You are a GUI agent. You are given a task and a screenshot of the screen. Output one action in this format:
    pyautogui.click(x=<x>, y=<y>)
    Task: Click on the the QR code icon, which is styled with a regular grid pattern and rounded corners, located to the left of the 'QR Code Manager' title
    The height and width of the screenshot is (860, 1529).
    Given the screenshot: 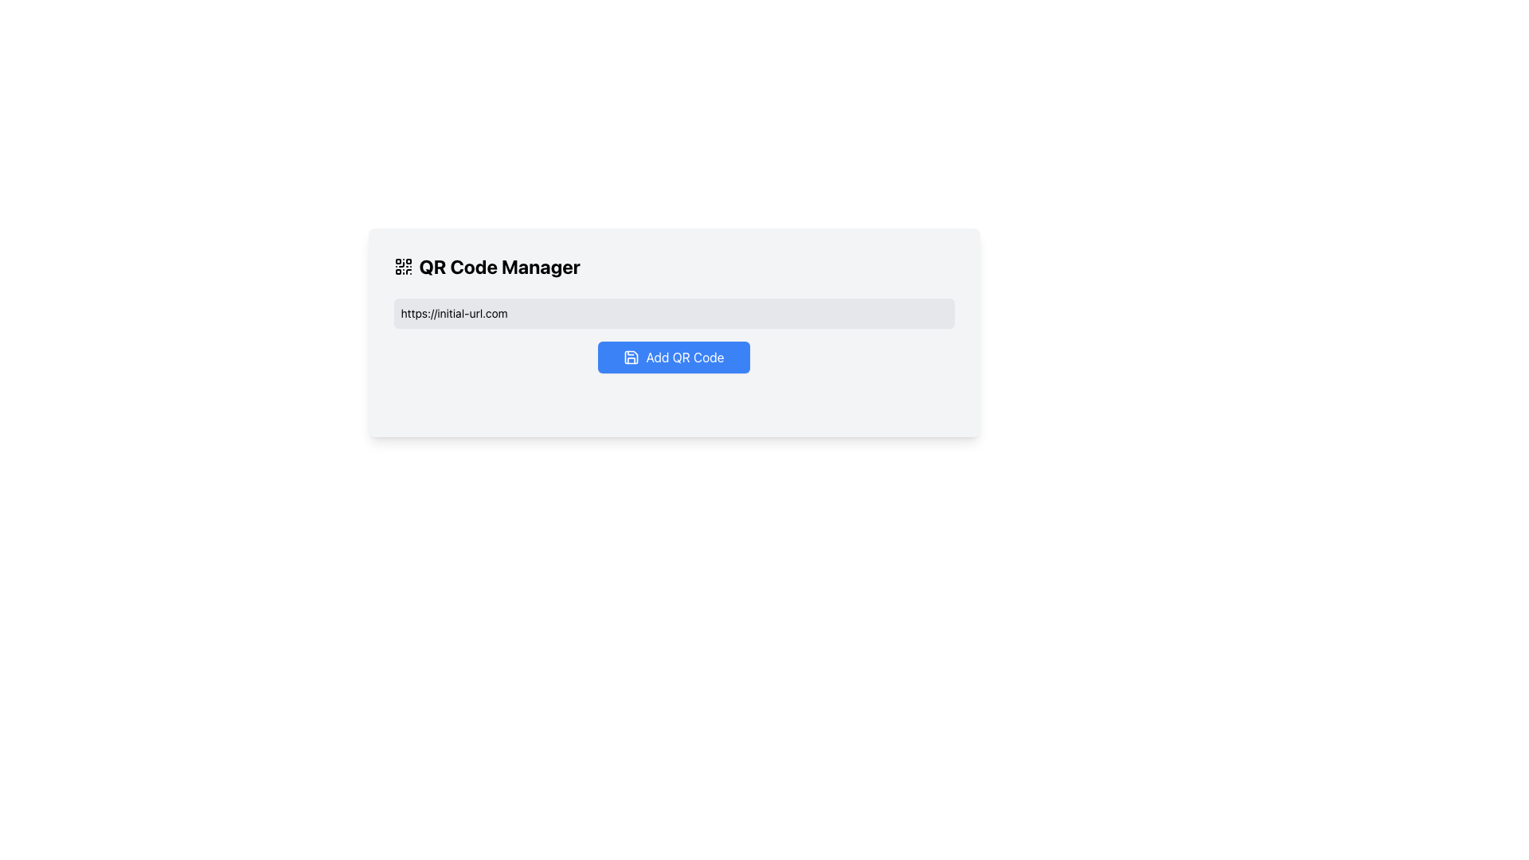 What is the action you would take?
    pyautogui.click(x=403, y=266)
    